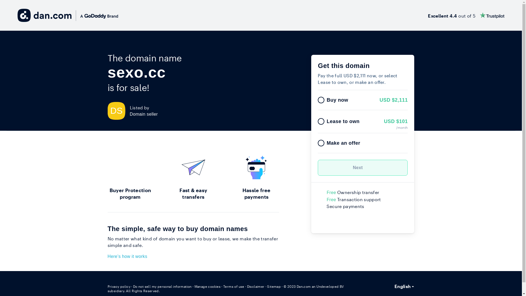 This screenshot has width=526, height=296. What do you see at coordinates (404, 286) in the screenshot?
I see `'English'` at bounding box center [404, 286].